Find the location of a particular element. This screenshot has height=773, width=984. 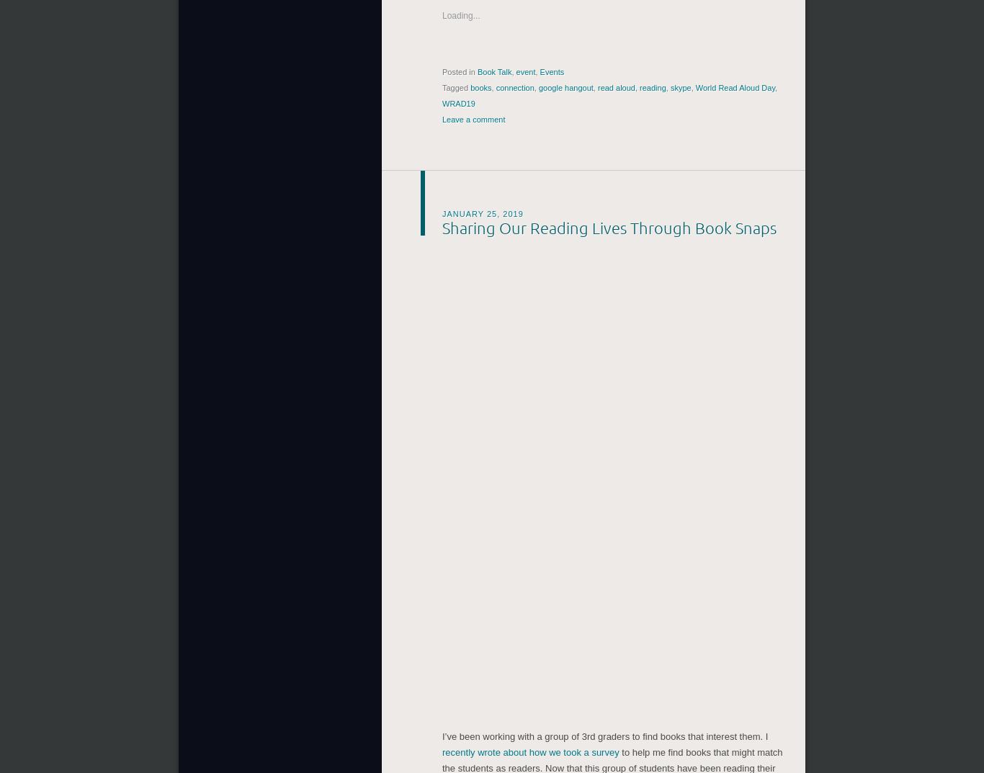

'read aloud' is located at coordinates (614, 85).